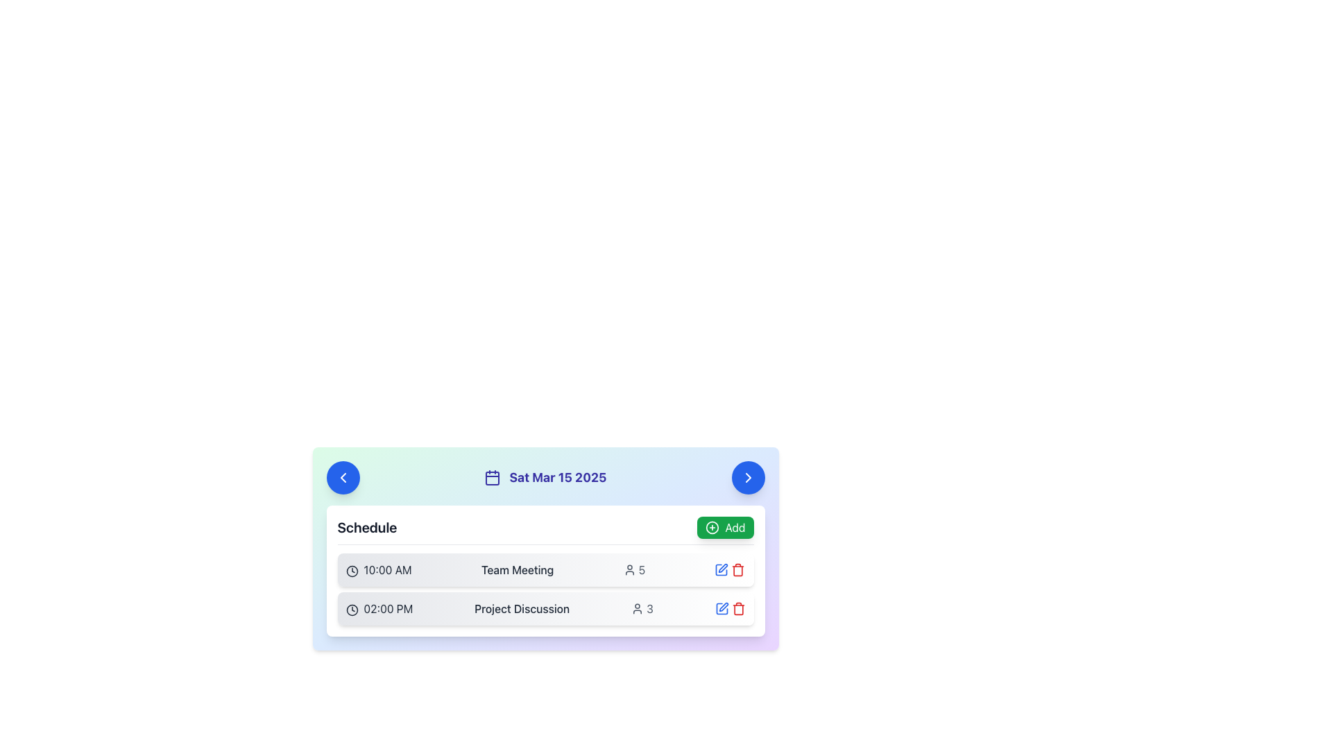 The height and width of the screenshot is (749, 1332). Describe the element at coordinates (367, 527) in the screenshot. I see `the static Text label indicating scheduling-related actions, located at the top-left side of the section, aligned to the left of the 'Add' button` at that location.